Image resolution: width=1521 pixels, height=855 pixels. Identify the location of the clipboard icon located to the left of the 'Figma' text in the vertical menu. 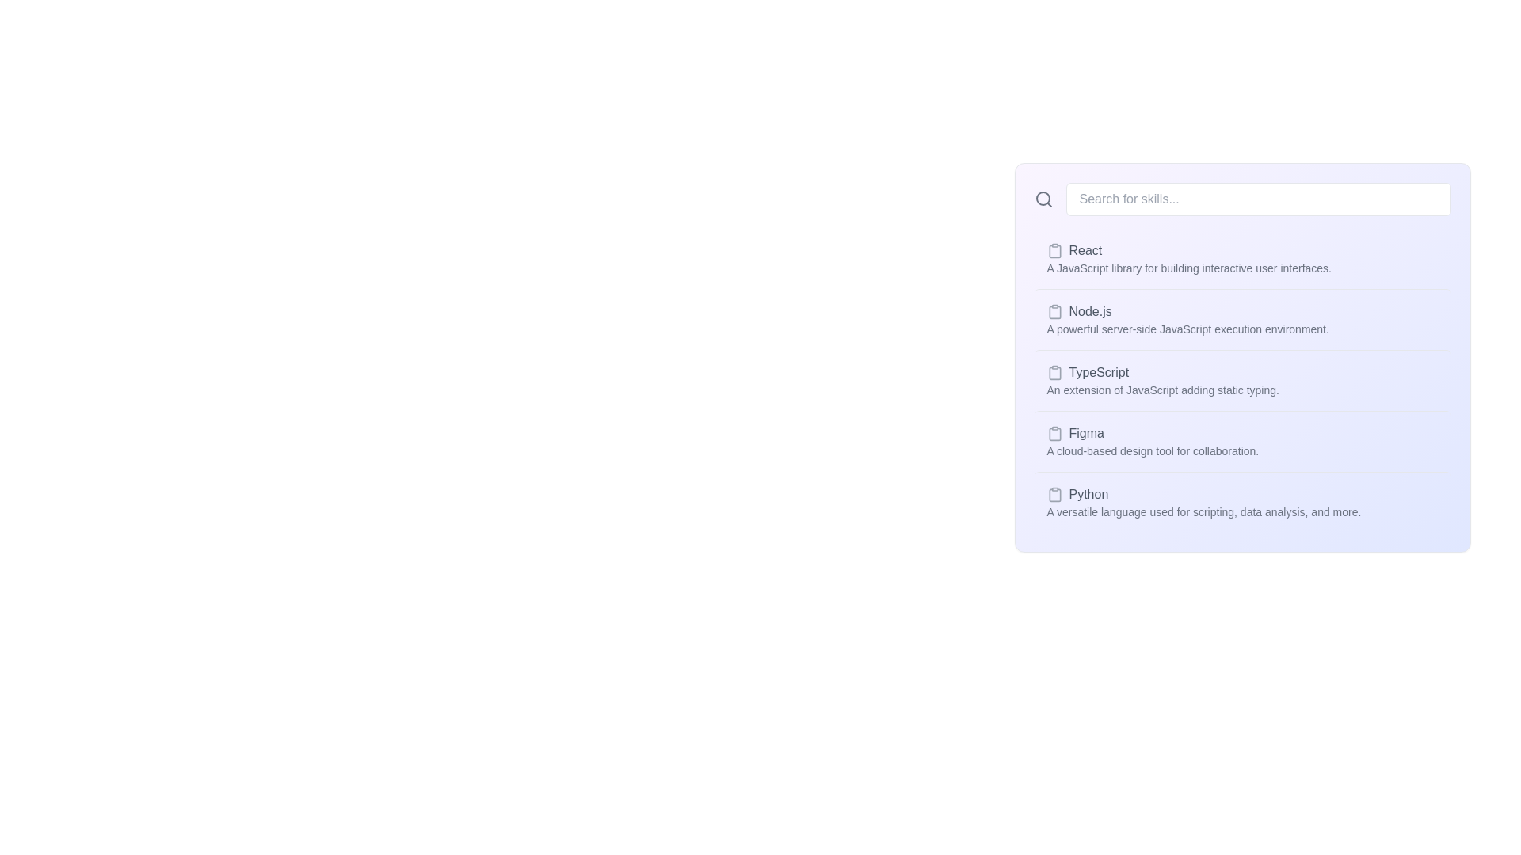
(1054, 433).